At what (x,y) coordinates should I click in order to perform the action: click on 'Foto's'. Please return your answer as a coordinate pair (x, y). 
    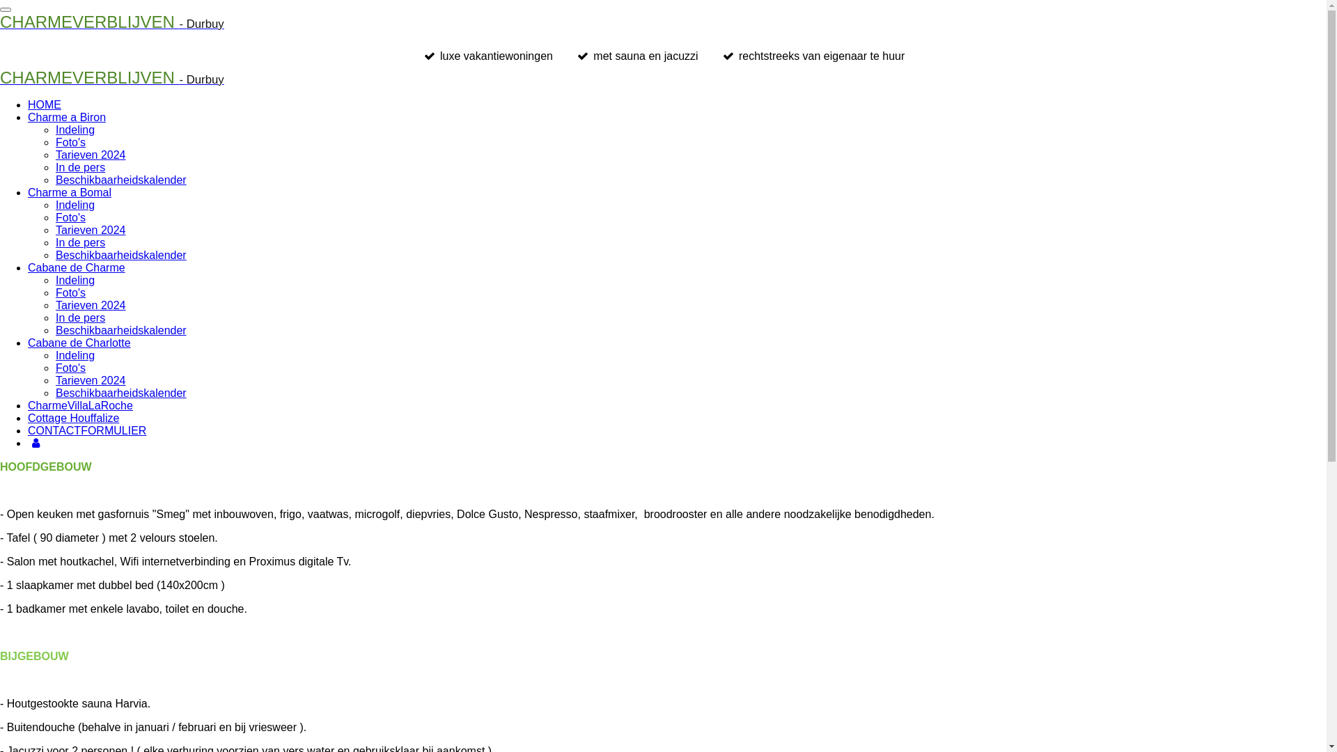
    Looking at the image, I should click on (56, 292).